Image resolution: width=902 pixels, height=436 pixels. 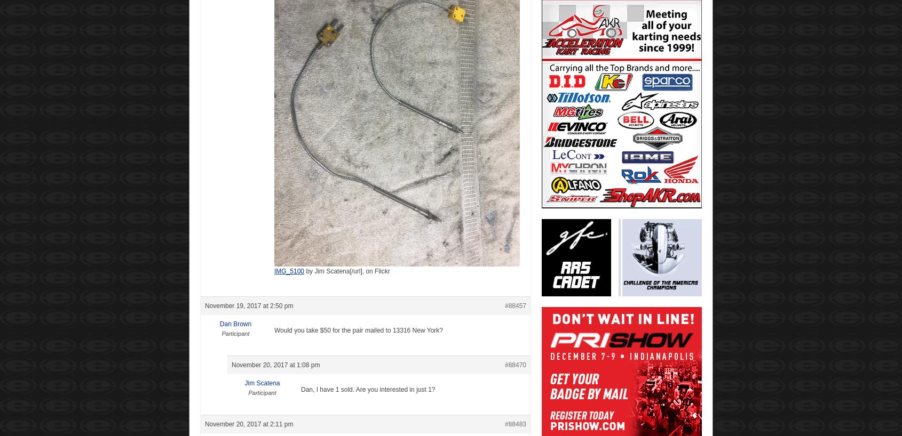 I want to click on 'Dan, I have 1 sold. Are you interested in just 1?', so click(x=367, y=388).